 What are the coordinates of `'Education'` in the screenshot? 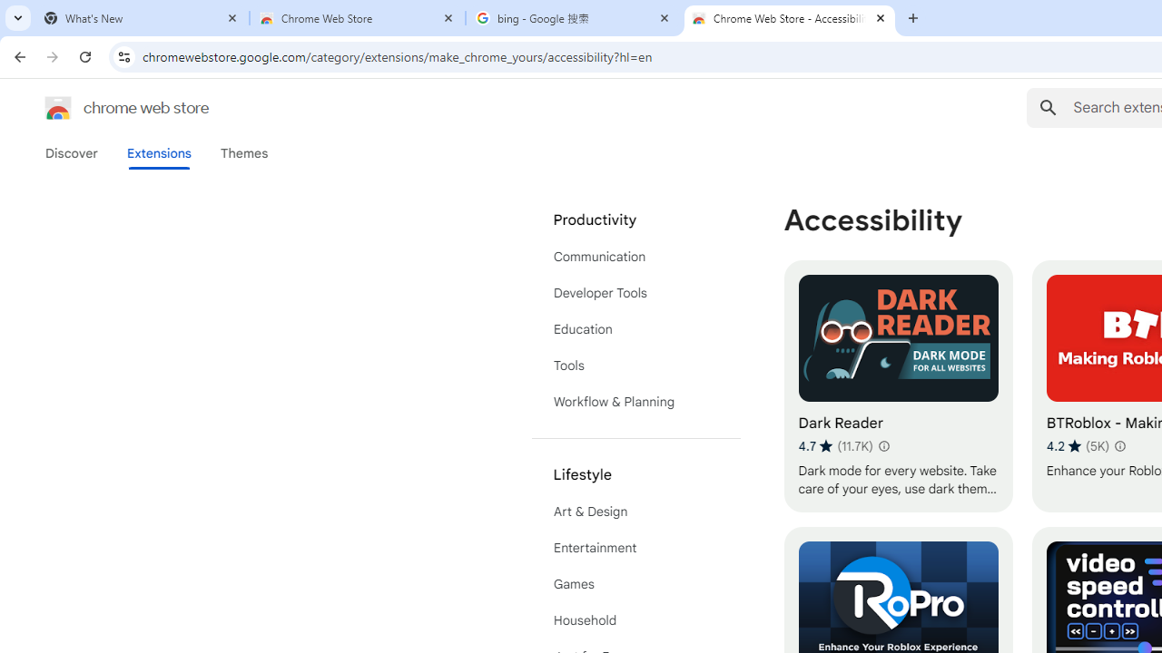 It's located at (635, 328).